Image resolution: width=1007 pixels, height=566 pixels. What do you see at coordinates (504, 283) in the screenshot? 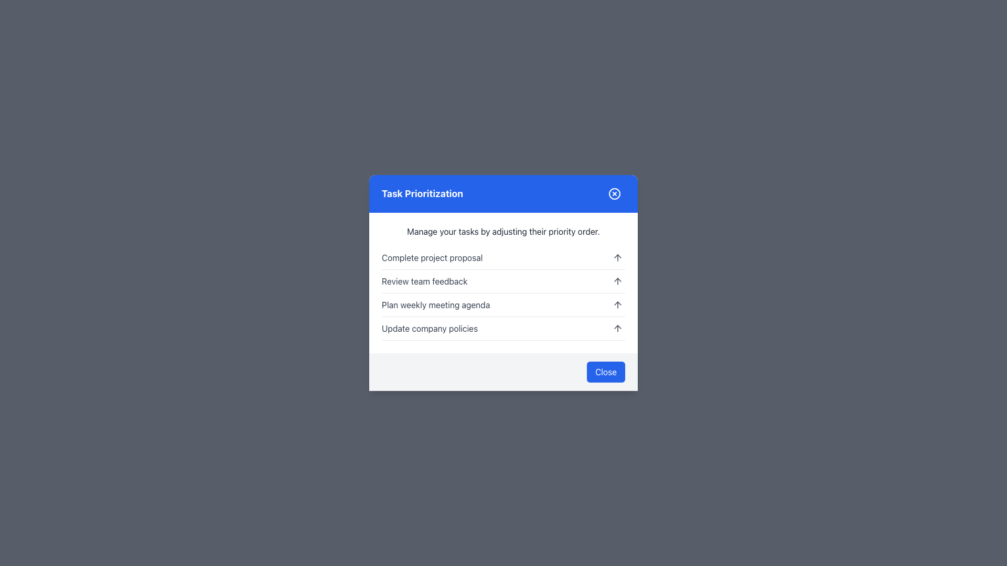
I see `the action icons related to the 'Review team feedback' task item in the task prioritization dialog box, located centrally below the title bar and above the 'Close' button` at bounding box center [504, 283].